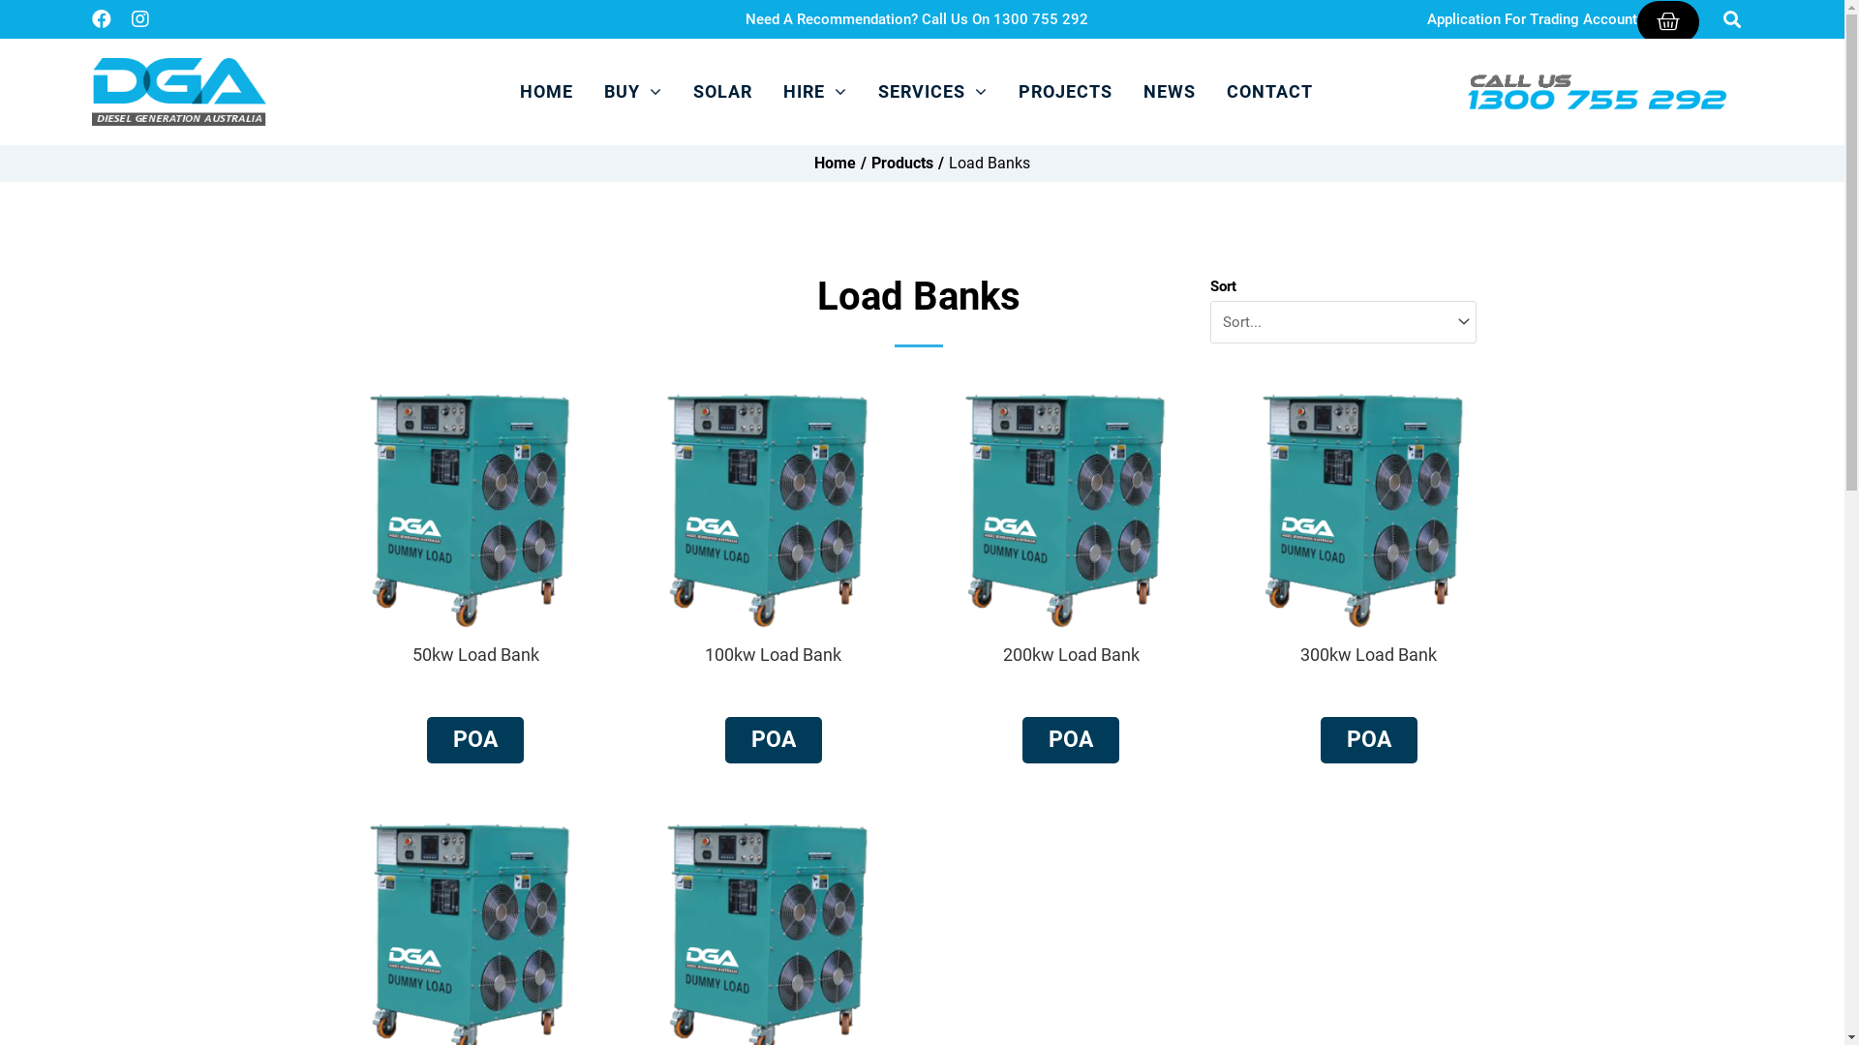 The image size is (1859, 1045). Describe the element at coordinates (594, 92) in the screenshot. I see `'BUY'` at that location.